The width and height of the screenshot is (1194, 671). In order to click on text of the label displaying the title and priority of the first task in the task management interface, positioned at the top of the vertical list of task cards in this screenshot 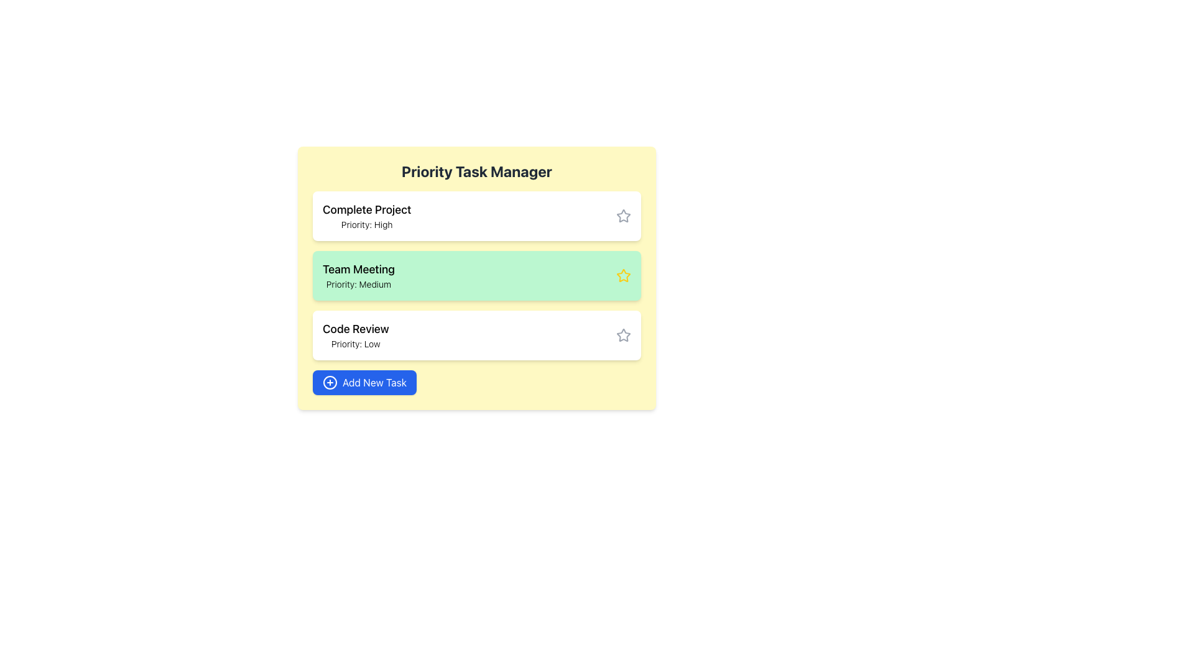, I will do `click(366, 215)`.